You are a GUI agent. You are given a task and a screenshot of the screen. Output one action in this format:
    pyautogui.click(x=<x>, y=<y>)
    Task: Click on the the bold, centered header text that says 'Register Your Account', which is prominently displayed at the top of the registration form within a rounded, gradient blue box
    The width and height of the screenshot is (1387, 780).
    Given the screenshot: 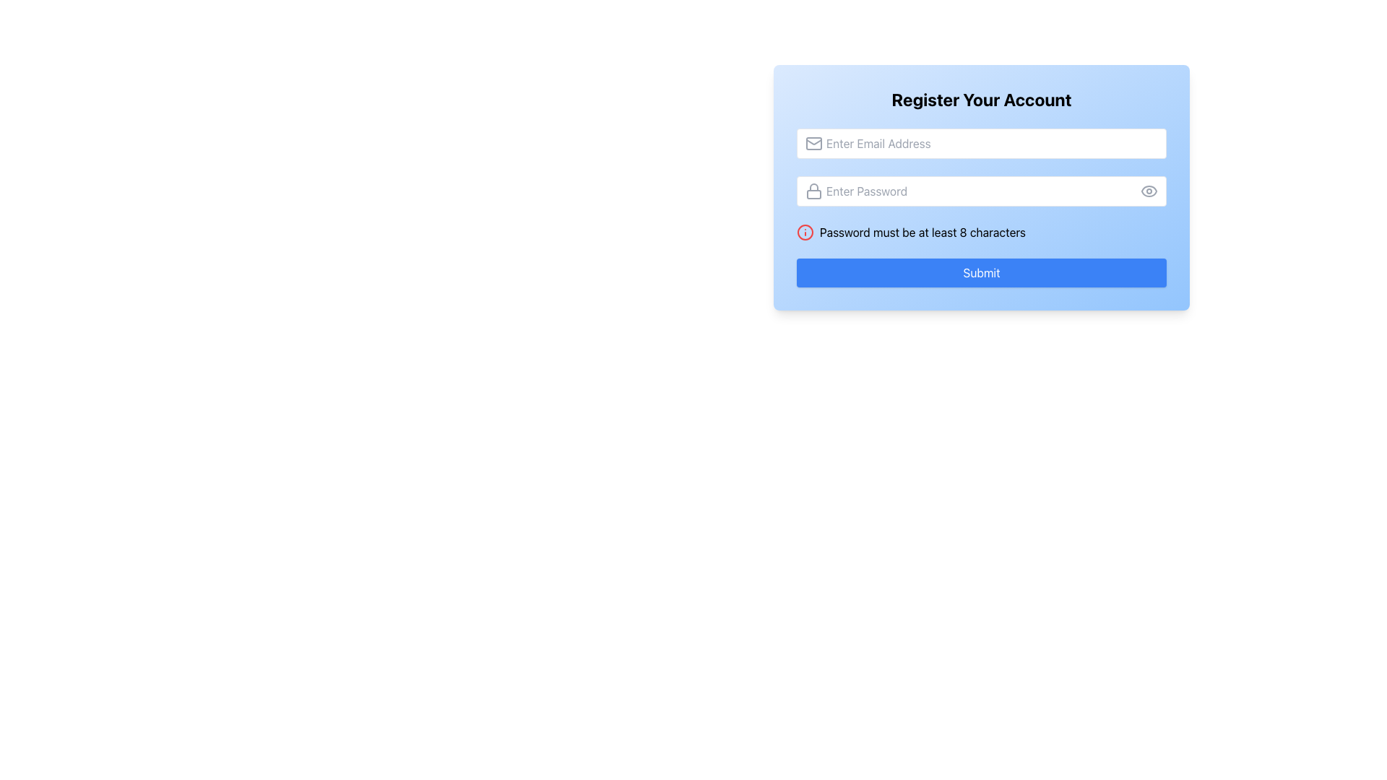 What is the action you would take?
    pyautogui.click(x=981, y=99)
    